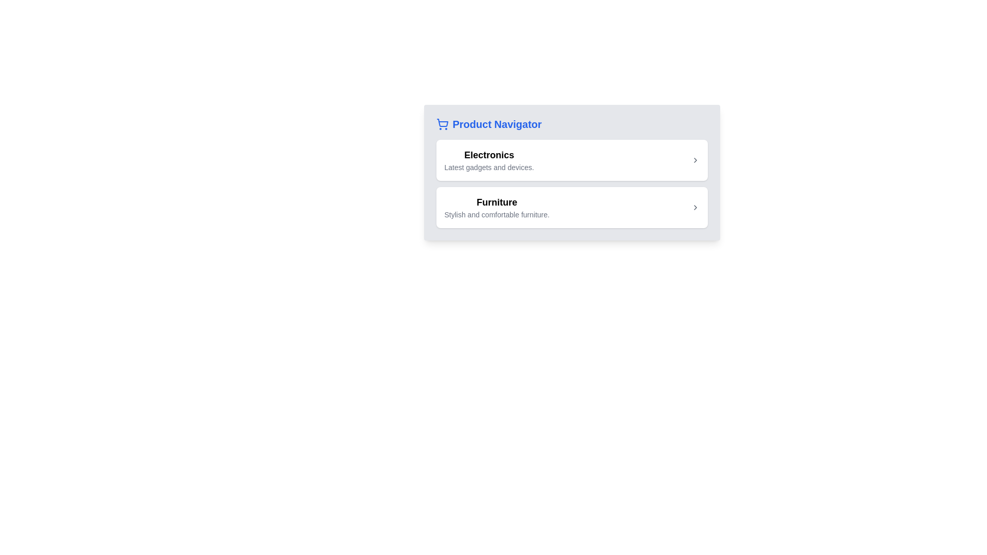 This screenshot has width=987, height=555. Describe the element at coordinates (571, 208) in the screenshot. I see `the Navigation Panel containing the 'Furniture' title` at that location.